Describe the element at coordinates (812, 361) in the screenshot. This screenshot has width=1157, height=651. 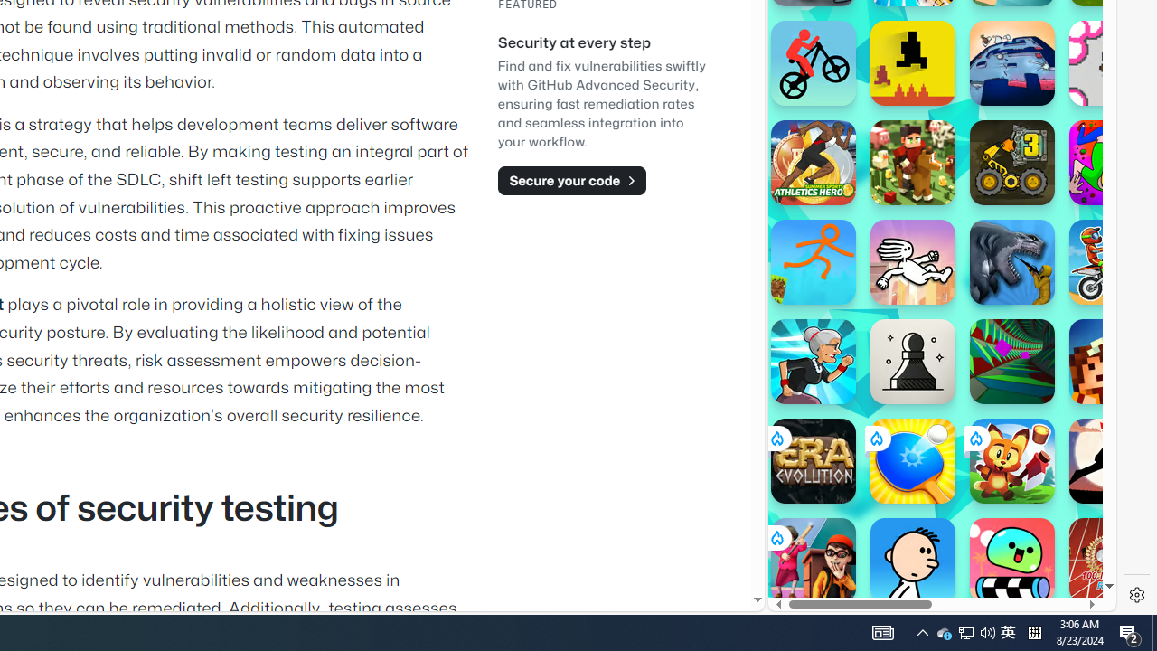
I see `'Angry Gran Run'` at that location.